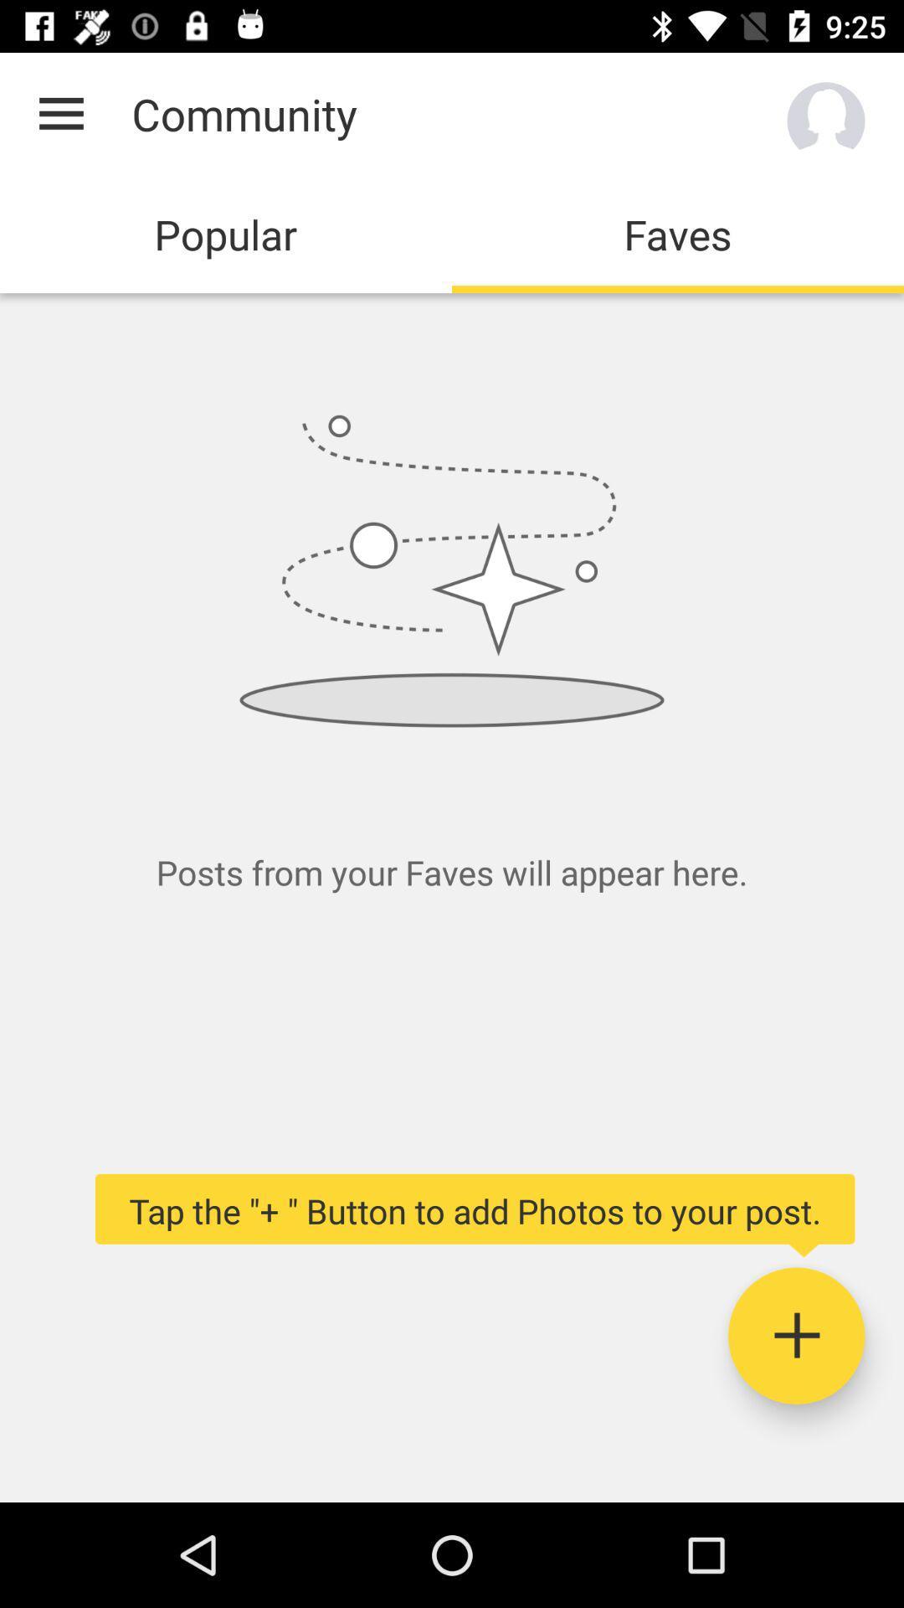 This screenshot has width=904, height=1608. What do you see at coordinates (60, 113) in the screenshot?
I see `the item above posts from your icon` at bounding box center [60, 113].